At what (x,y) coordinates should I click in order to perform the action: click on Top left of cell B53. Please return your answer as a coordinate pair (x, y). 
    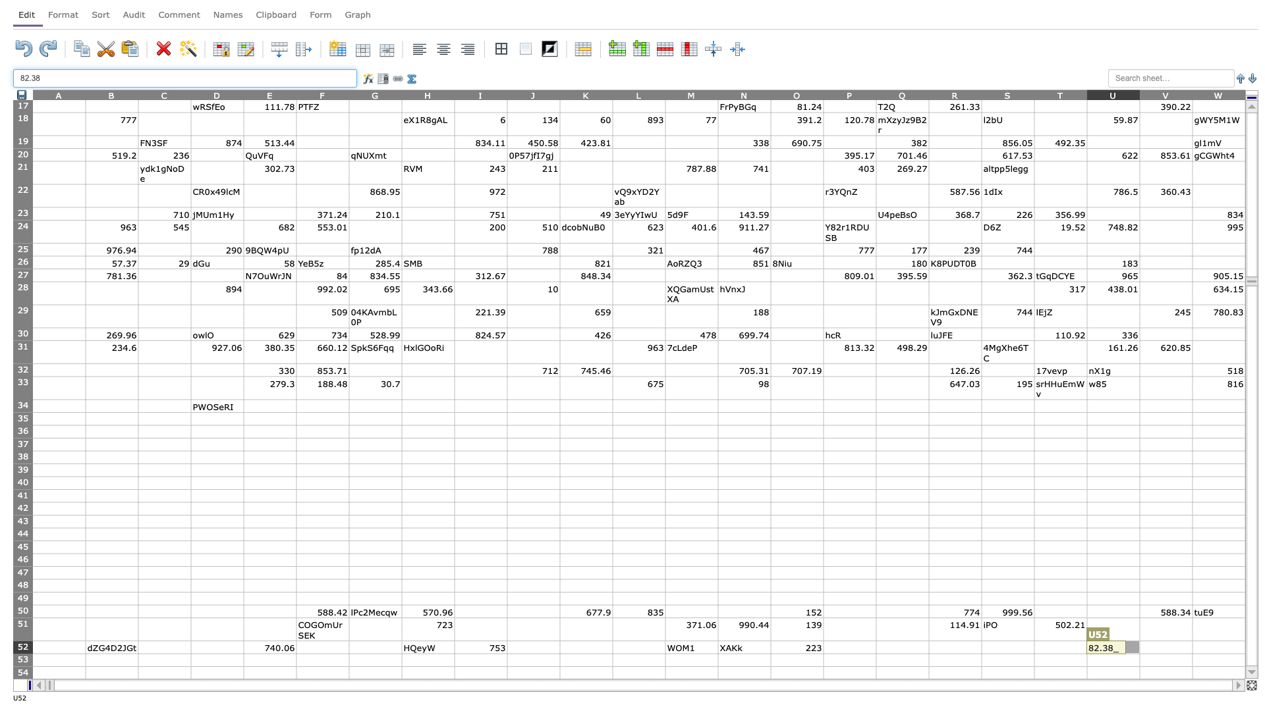
    Looking at the image, I should click on (84, 653).